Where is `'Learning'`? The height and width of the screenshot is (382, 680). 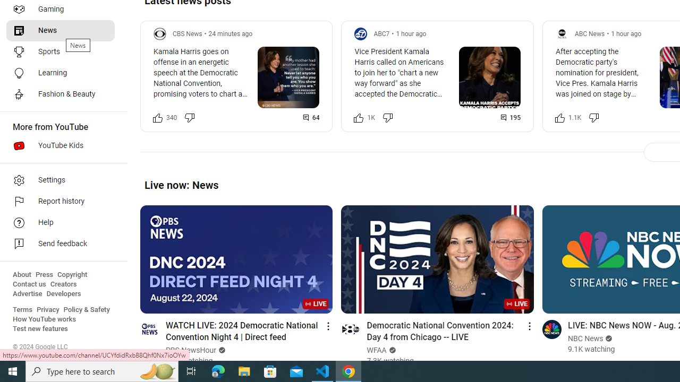 'Learning' is located at coordinates (59, 72).